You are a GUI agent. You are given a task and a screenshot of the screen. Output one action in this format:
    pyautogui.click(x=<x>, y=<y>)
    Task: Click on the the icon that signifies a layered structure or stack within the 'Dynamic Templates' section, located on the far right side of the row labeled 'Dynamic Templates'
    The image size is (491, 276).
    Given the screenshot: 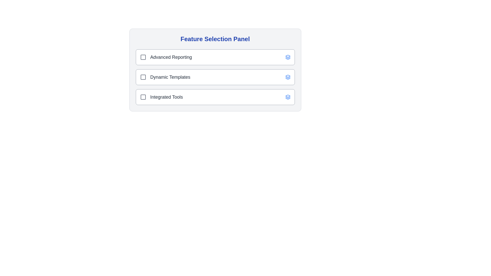 What is the action you would take?
    pyautogui.click(x=288, y=77)
    